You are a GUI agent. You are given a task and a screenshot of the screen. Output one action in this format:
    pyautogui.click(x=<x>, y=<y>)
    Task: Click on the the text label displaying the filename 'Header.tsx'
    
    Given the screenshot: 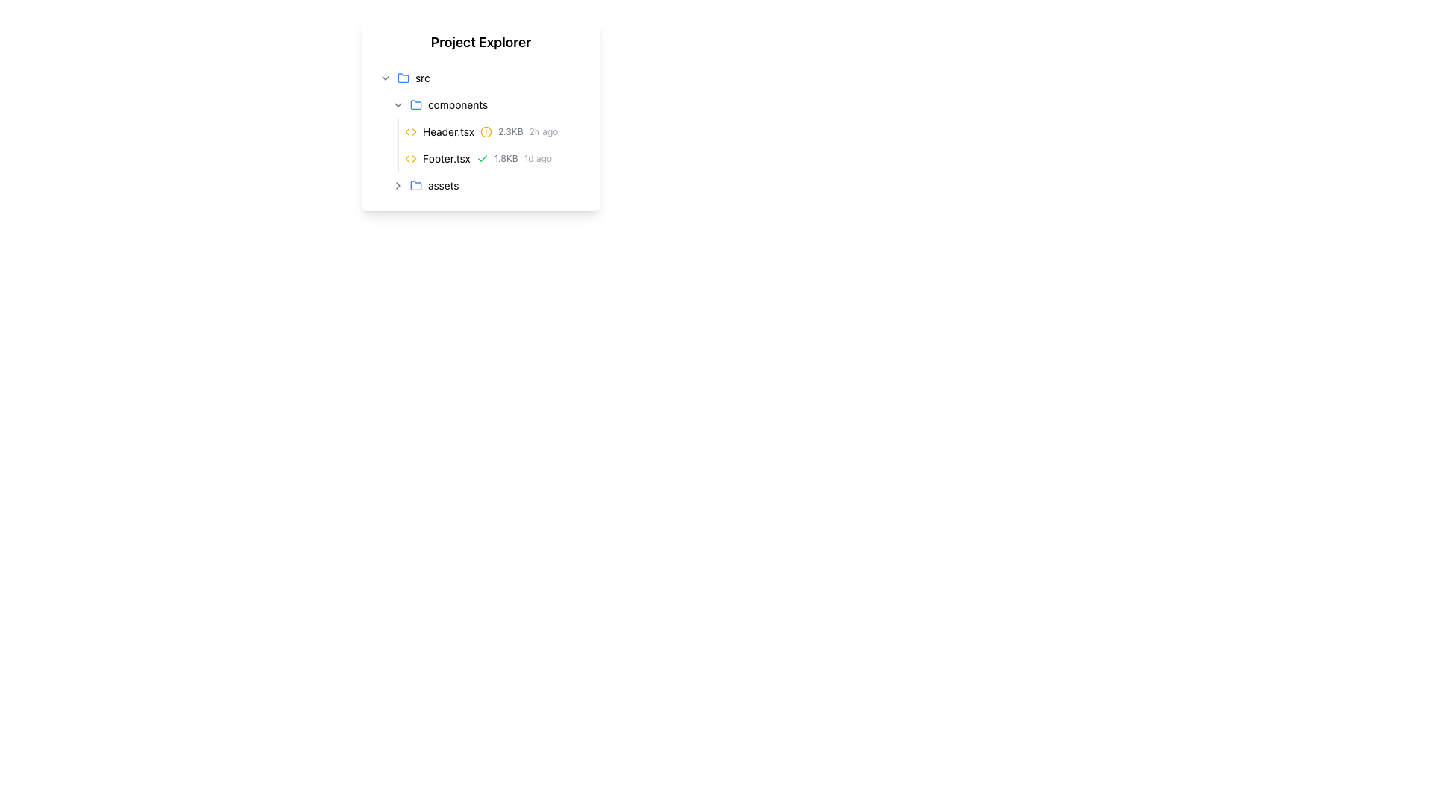 What is the action you would take?
    pyautogui.click(x=447, y=131)
    